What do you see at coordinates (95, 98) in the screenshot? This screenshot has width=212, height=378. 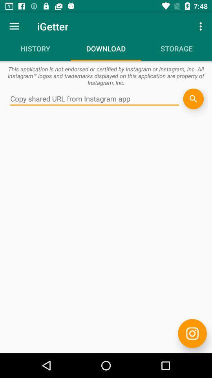 I see `look up url` at bounding box center [95, 98].